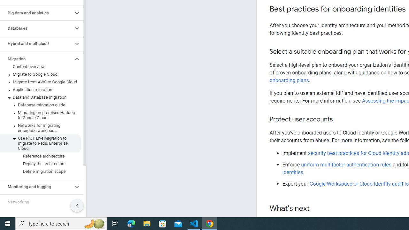  What do you see at coordinates (316, 209) in the screenshot?
I see `'Copy link to this section: What'` at bounding box center [316, 209].